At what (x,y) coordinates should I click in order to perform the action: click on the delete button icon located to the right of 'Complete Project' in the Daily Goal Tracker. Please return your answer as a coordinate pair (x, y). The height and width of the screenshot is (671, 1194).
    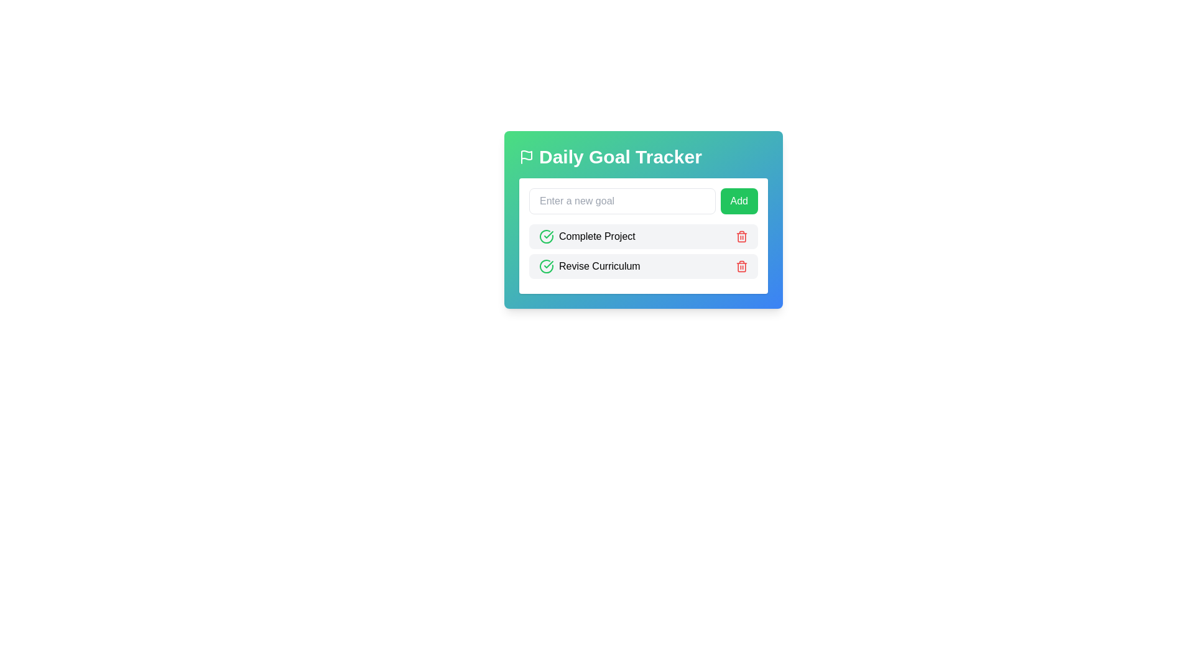
    Looking at the image, I should click on (742, 237).